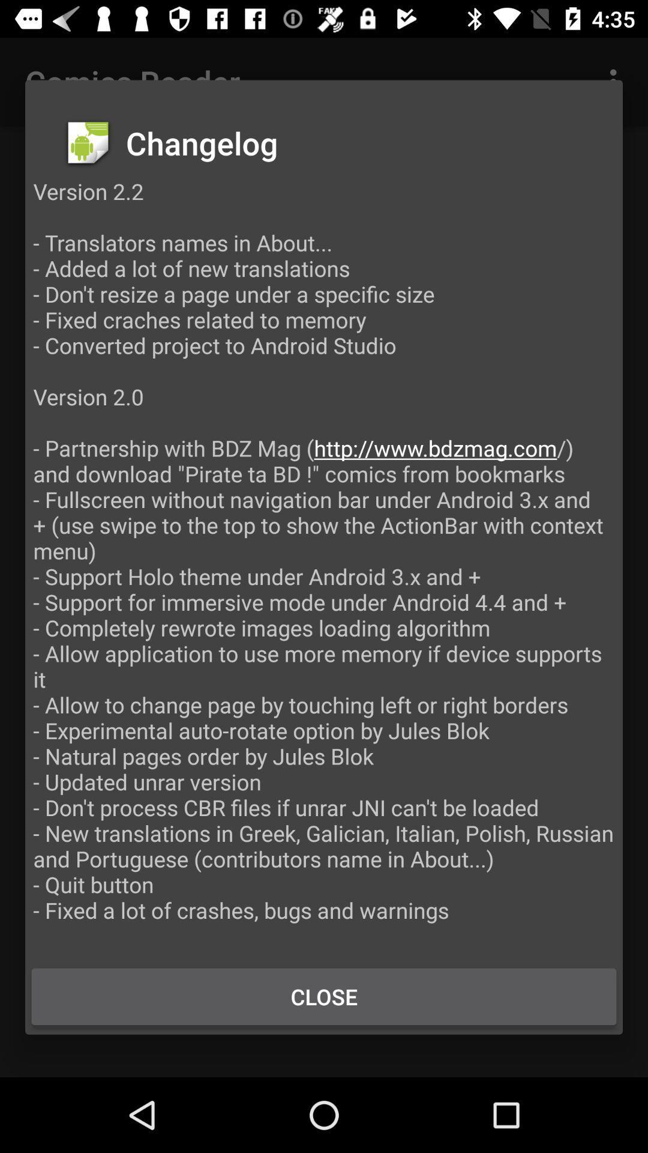  What do you see at coordinates (324, 996) in the screenshot?
I see `the close icon` at bounding box center [324, 996].